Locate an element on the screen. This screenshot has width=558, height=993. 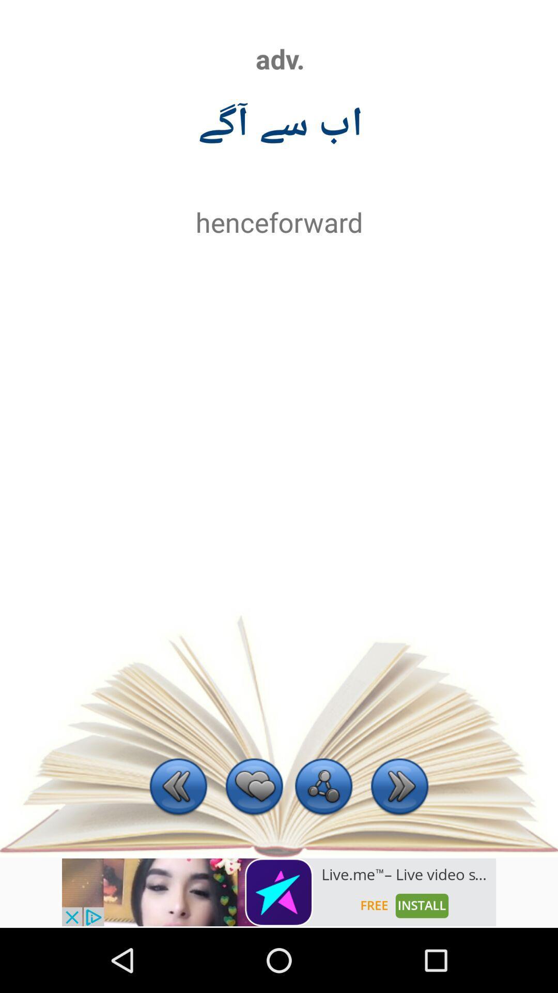
go back is located at coordinates (178, 787).